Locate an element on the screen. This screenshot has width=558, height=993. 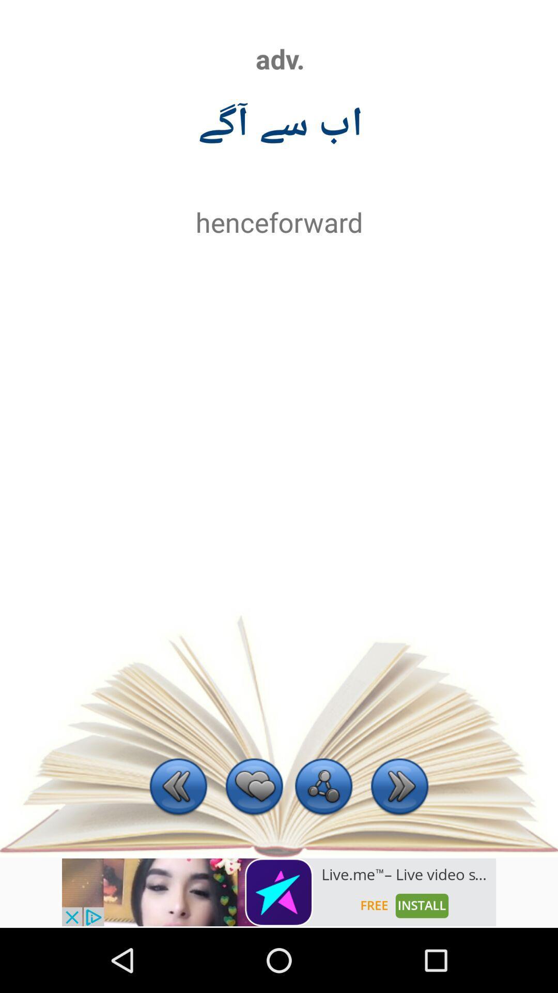
go back is located at coordinates (178, 787).